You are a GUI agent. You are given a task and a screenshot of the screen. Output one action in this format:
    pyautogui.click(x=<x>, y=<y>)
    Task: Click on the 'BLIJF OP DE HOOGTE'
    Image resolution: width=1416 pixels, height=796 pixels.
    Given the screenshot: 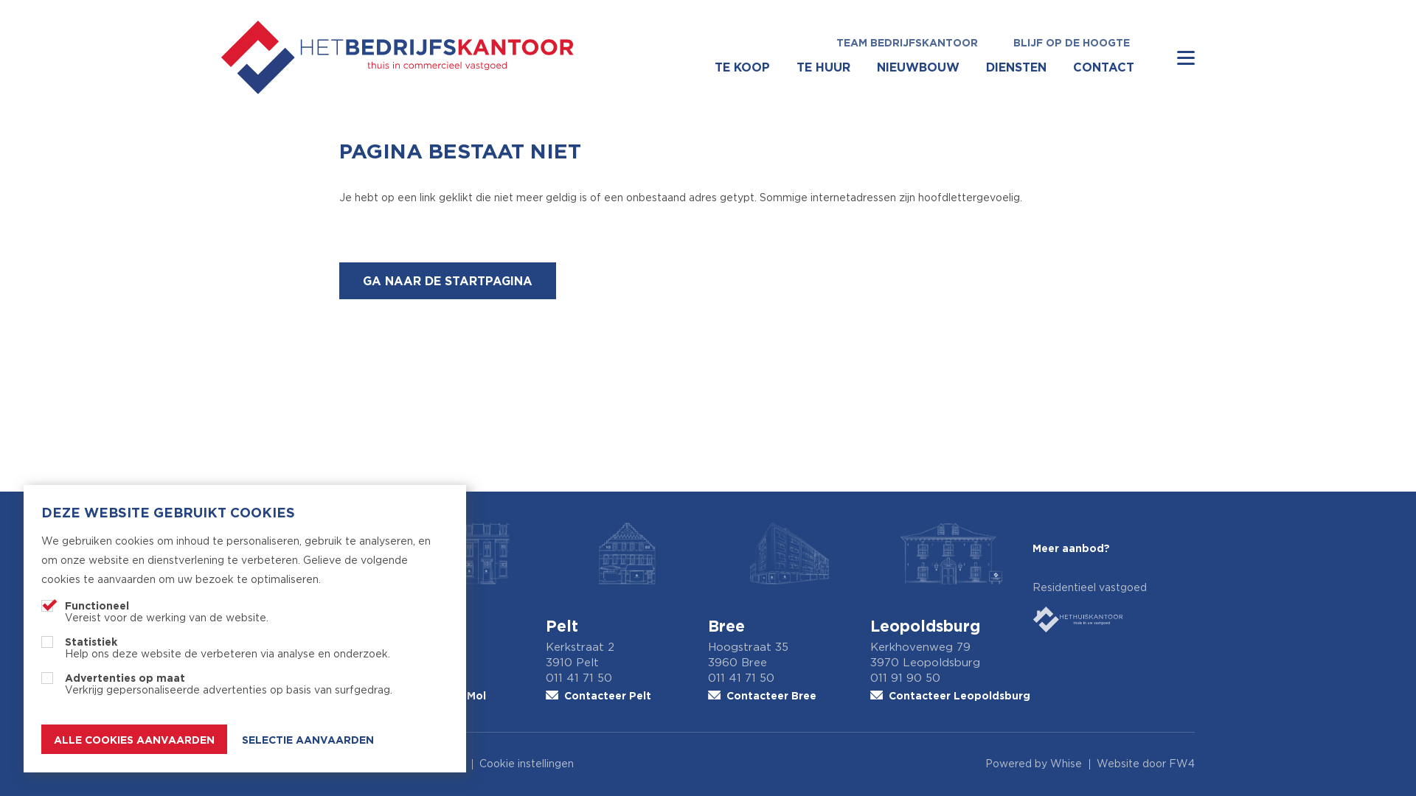 What is the action you would take?
    pyautogui.click(x=1072, y=41)
    